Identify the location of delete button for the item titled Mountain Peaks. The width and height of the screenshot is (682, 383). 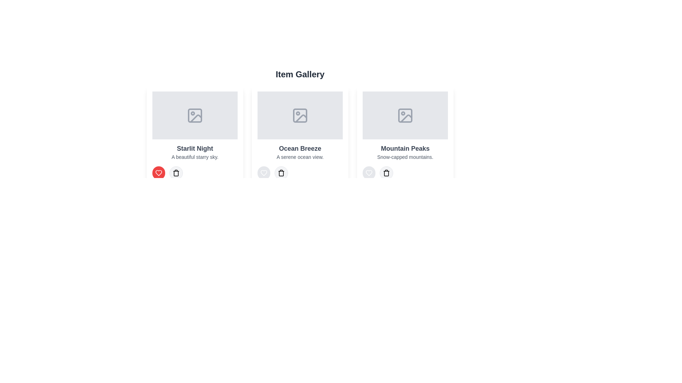
(386, 173).